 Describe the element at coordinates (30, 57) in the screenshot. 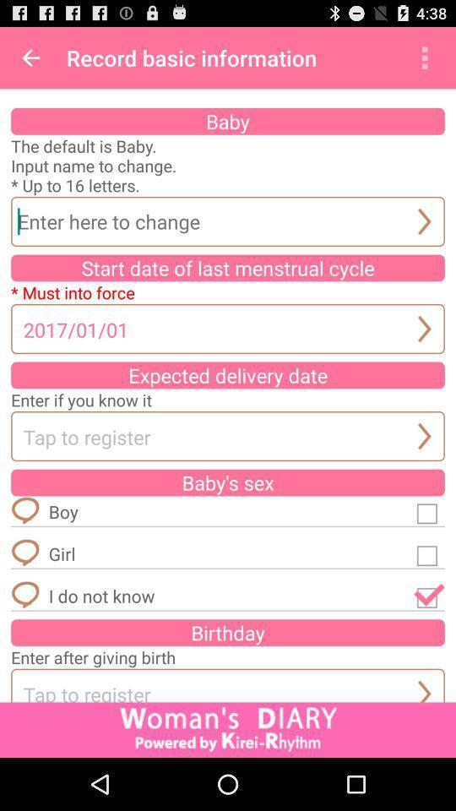

I see `icon above baby` at that location.